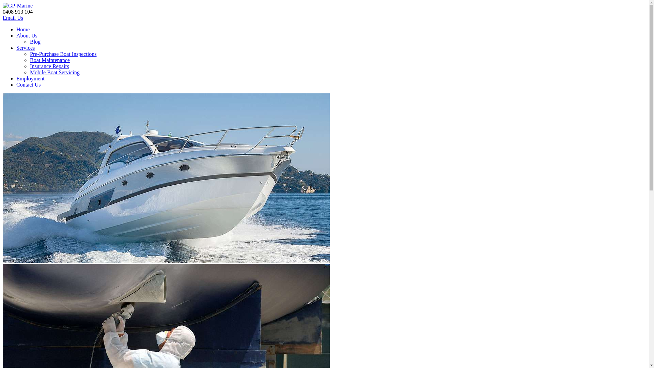  Describe the element at coordinates (55, 72) in the screenshot. I see `'Mobile Boat Servicing'` at that location.